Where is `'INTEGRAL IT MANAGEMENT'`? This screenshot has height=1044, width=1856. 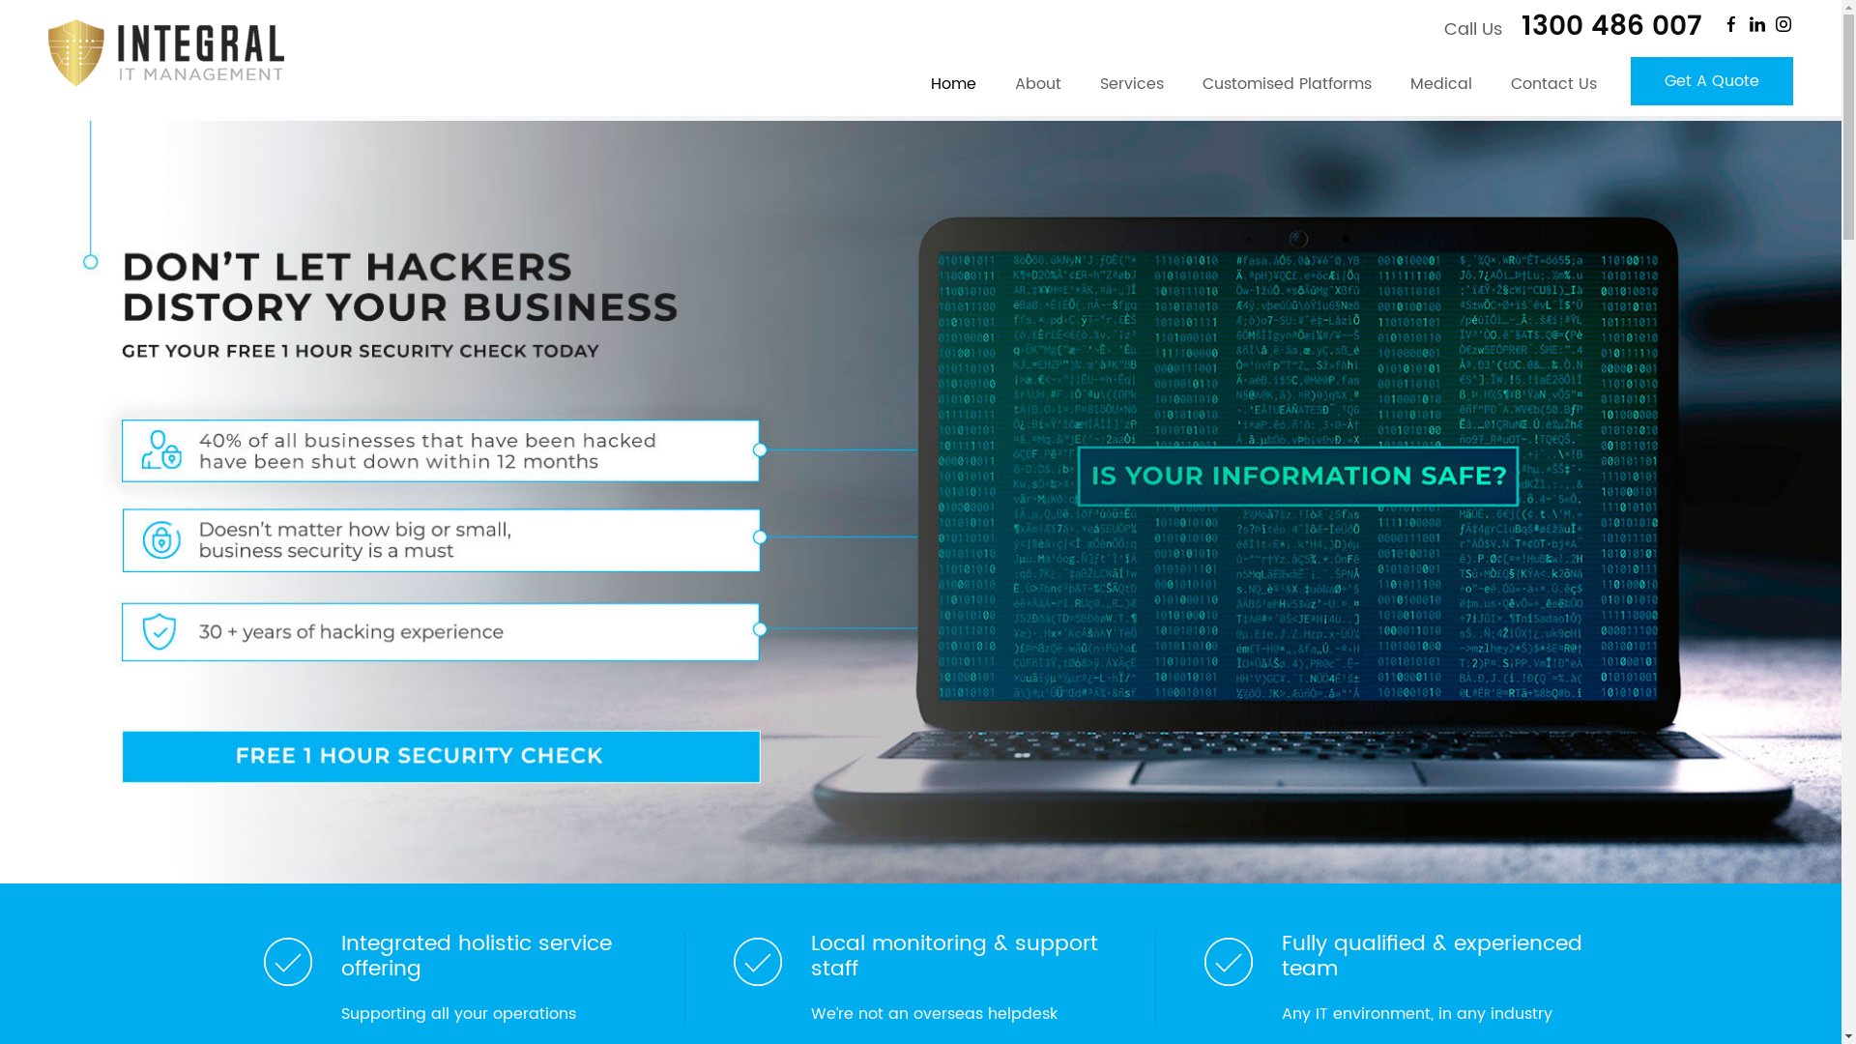 'INTEGRAL IT MANAGEMENT' is located at coordinates (166, 51).